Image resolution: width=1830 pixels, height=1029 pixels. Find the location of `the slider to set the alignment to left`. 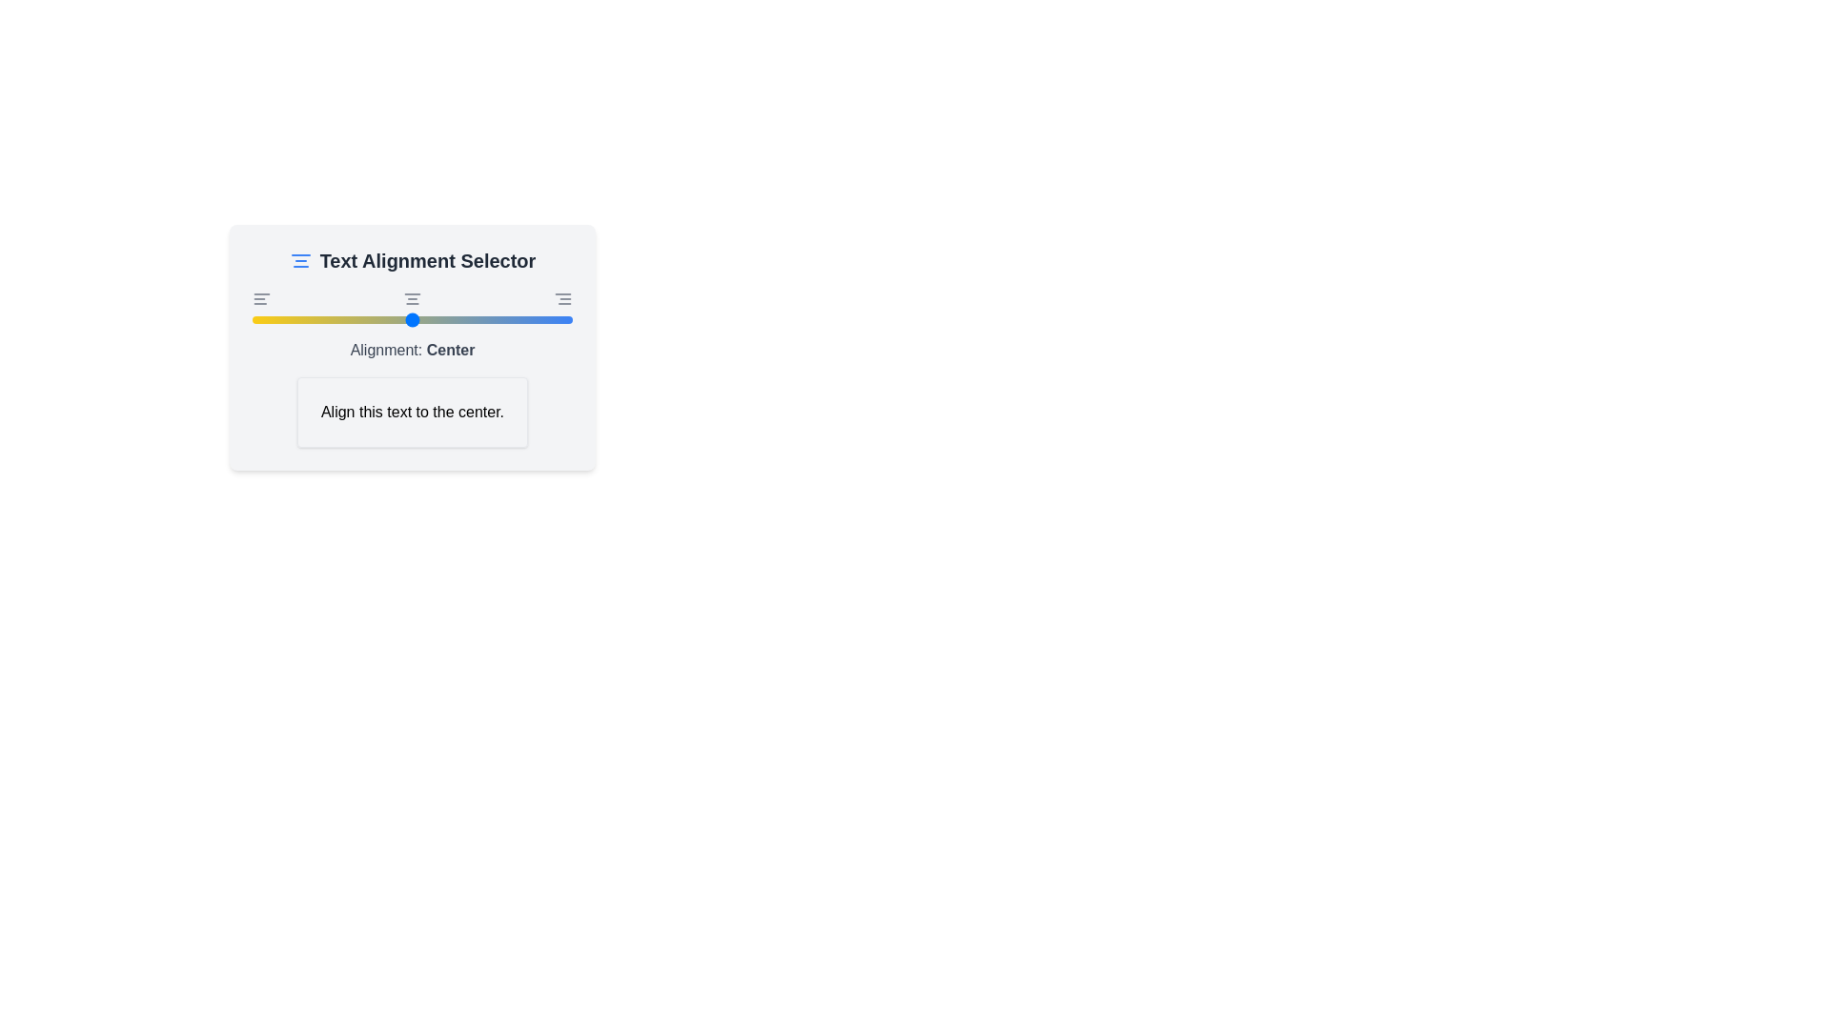

the slider to set the alignment to left is located at coordinates (251, 318).